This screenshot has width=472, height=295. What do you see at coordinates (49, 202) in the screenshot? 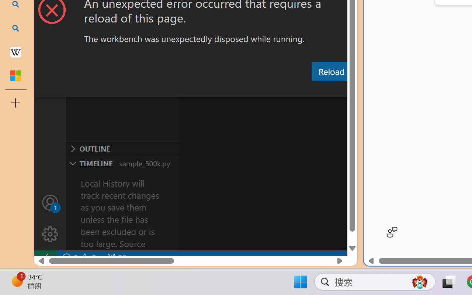
I see `'Accounts - Sign in requested'` at bounding box center [49, 202].